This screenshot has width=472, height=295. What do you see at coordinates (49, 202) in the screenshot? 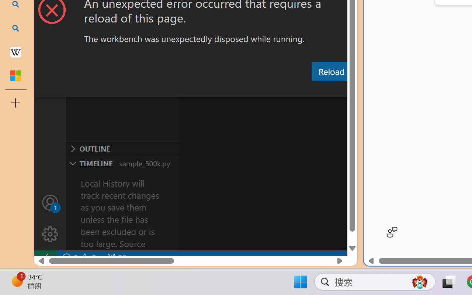
I see `'Accounts - Sign in requested'` at bounding box center [49, 202].